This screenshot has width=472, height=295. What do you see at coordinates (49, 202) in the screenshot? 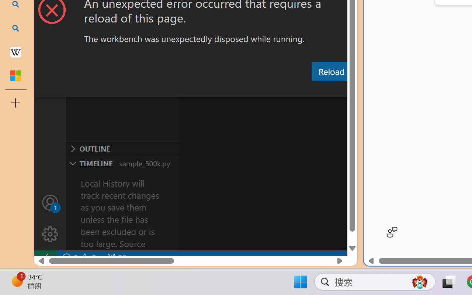
I see `'Accounts - Sign in requested'` at bounding box center [49, 202].